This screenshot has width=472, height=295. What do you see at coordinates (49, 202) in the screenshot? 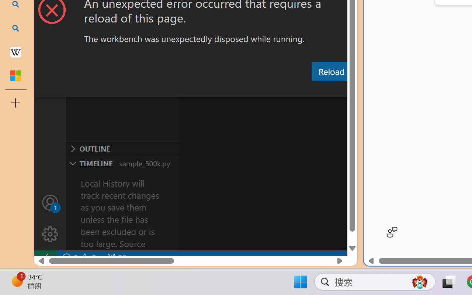
I see `'Accounts - Sign in requested'` at bounding box center [49, 202].